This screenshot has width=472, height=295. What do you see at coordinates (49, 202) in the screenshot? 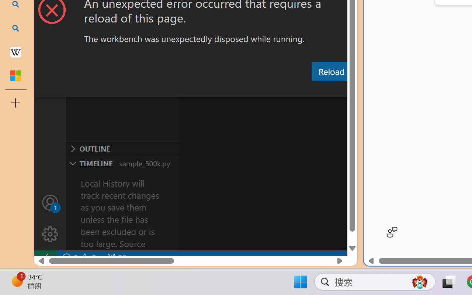
I see `'Accounts - Sign in requested'` at bounding box center [49, 202].